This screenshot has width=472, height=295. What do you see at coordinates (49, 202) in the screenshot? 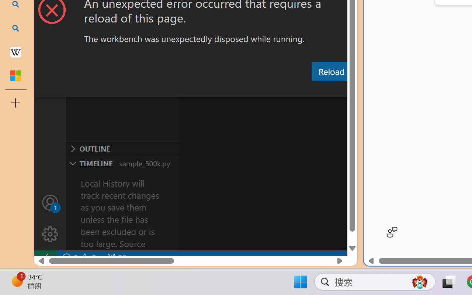
I see `'Accounts - Sign in requested'` at bounding box center [49, 202].